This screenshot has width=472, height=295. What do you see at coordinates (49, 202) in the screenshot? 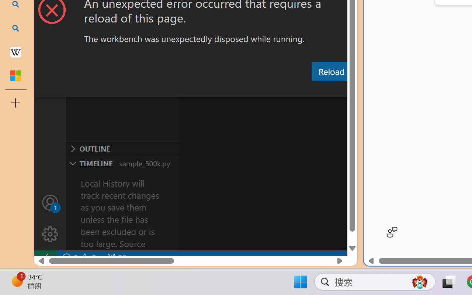
I see `'Accounts - Sign in requested'` at bounding box center [49, 202].